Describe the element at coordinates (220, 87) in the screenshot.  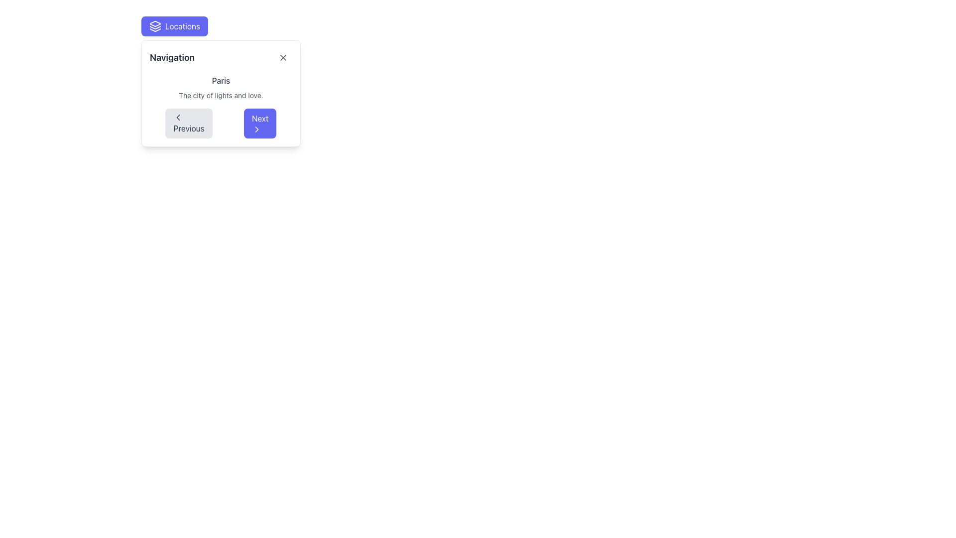
I see `the text element that displays 'Paris' in bold and 'The city of lights and love.' in a smaller font, located within the 'Navigation' modal` at that location.